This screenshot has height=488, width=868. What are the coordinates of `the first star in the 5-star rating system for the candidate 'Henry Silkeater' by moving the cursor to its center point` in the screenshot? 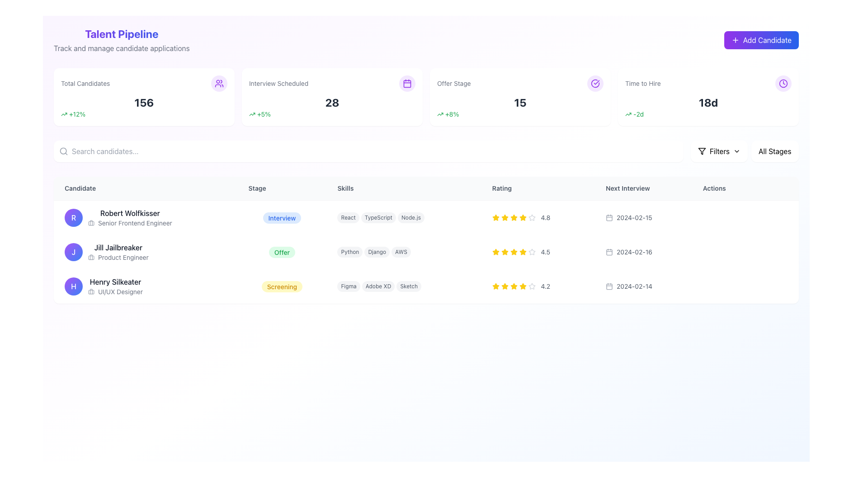 It's located at (495, 286).